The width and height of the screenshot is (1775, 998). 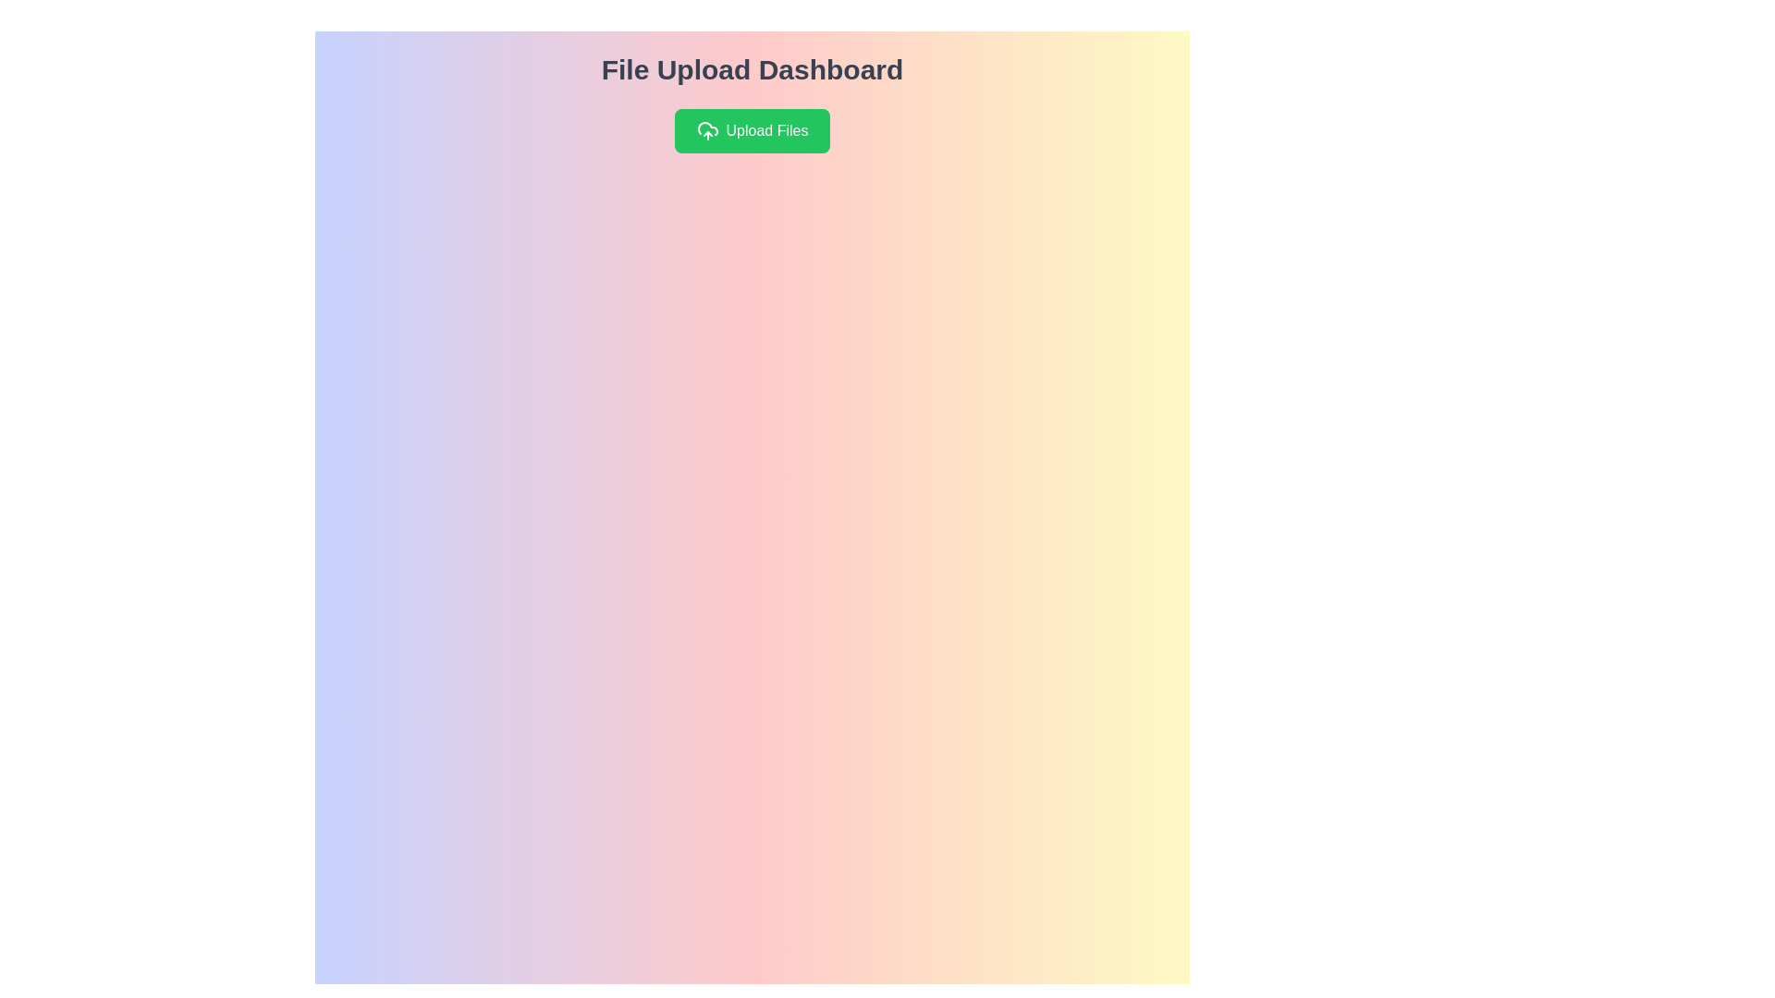 I want to click on the 'File Upload Dashboard' text header, which is a large, bold heading at the top of the interface, styled with a gray font color and centrally positioned, so click(x=753, y=69).